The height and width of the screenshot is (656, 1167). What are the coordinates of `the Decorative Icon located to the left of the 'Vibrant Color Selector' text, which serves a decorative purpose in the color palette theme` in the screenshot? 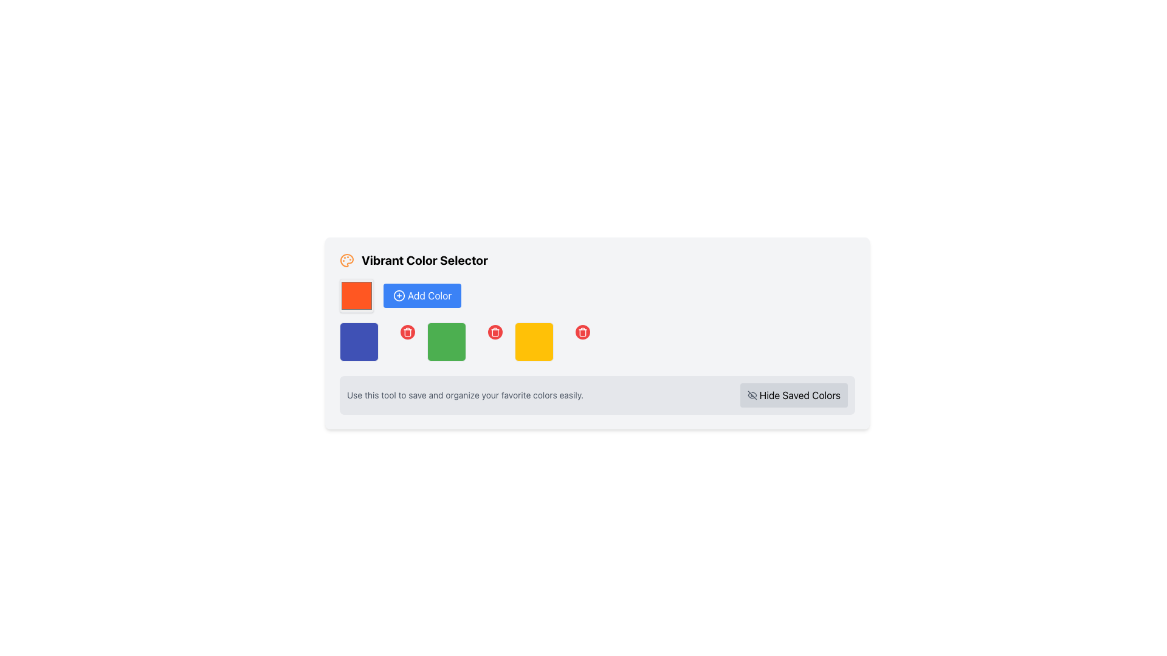 It's located at (346, 259).